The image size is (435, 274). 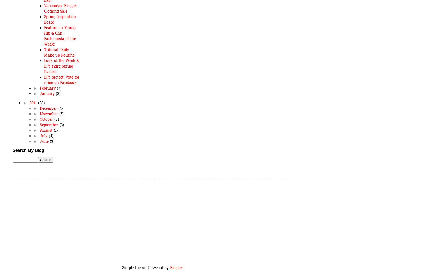 I want to click on 'September', so click(x=49, y=125).